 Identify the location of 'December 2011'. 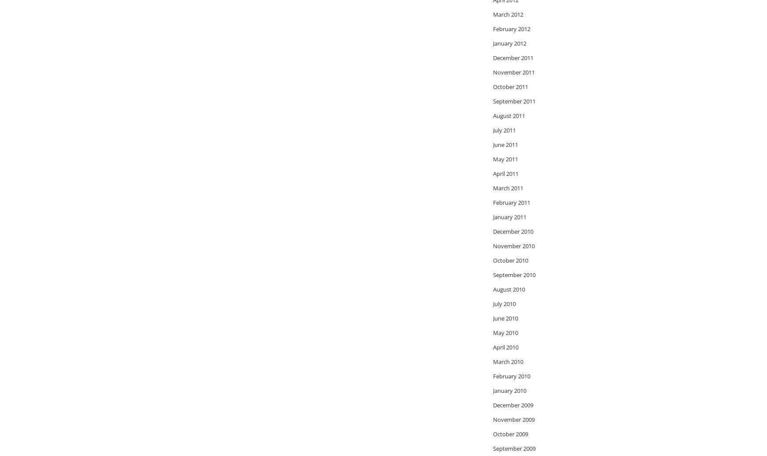
(493, 57).